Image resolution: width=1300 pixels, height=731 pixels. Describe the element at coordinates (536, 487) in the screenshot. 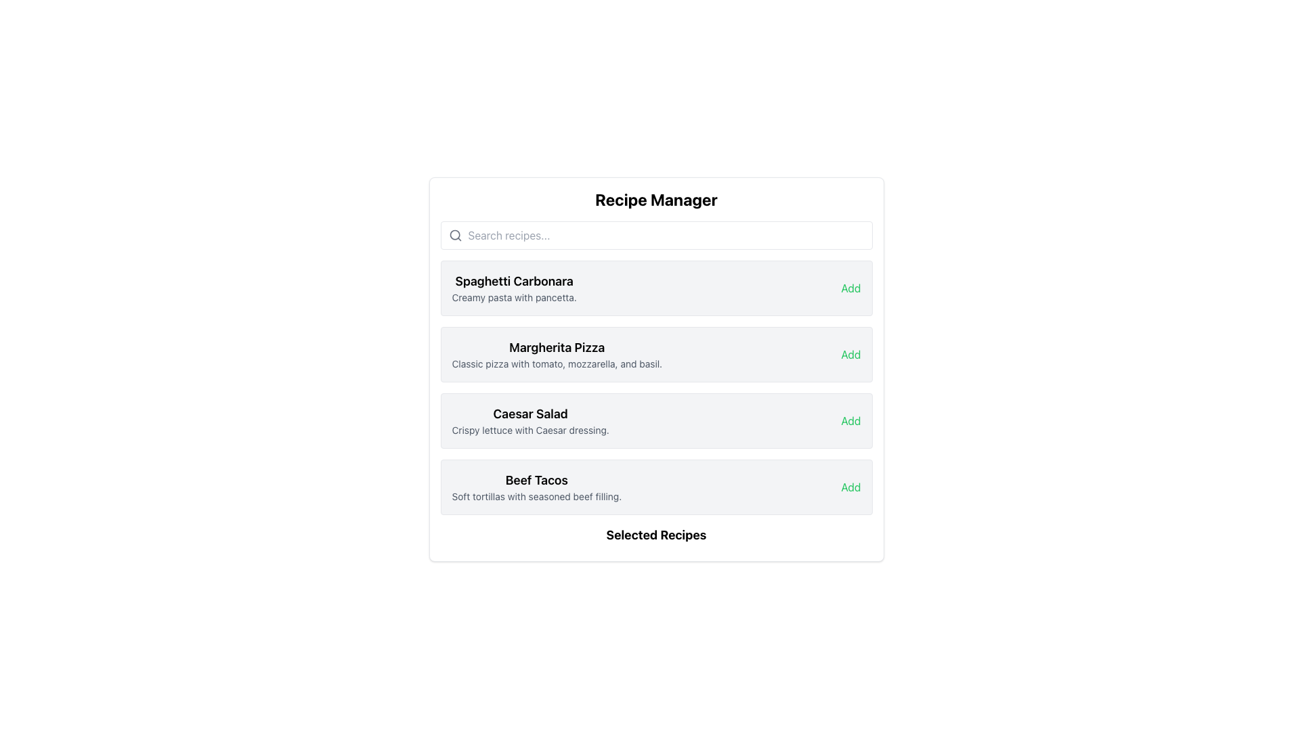

I see `the text display element that describes the recipe item 'Beef Tacos', which is the fourth item in a vertical list of recipe items` at that location.